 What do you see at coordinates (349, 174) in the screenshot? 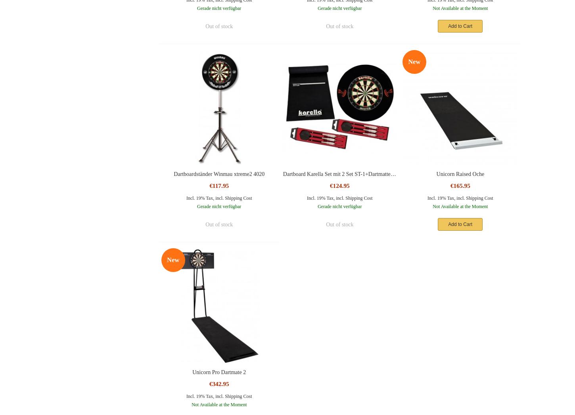
I see `'Dartboard Karella Set mit 2 Set  ST-1+Dartmatte+Catchring'` at bounding box center [349, 174].